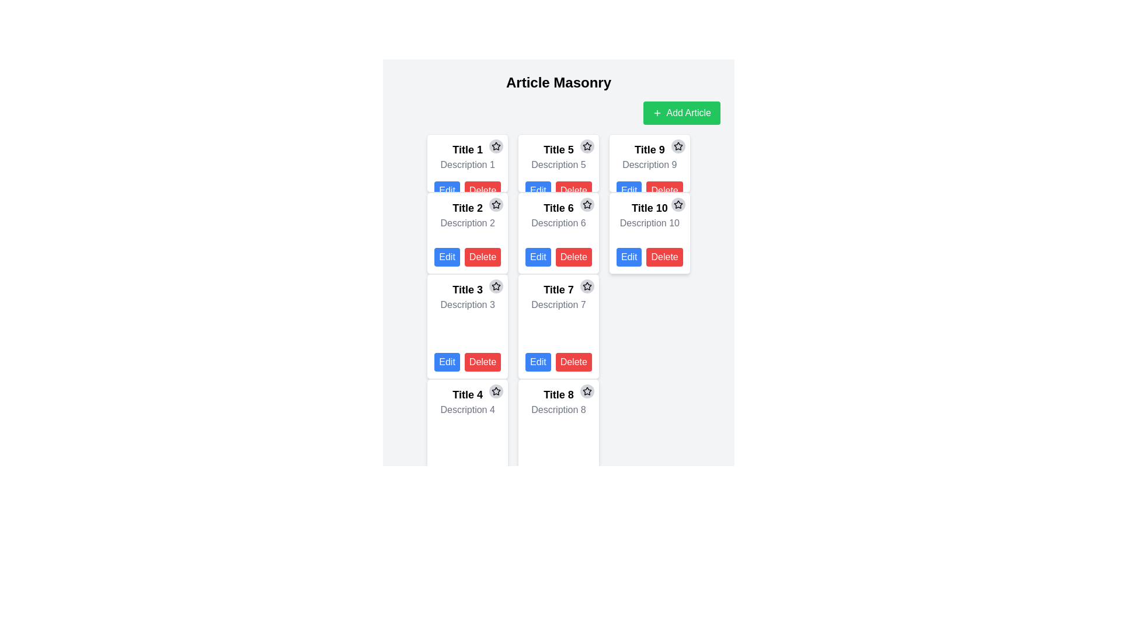 This screenshot has height=630, width=1121. I want to click on the favoriting button located at the top-right corner of the card titled 'Title 1', so click(496, 145).